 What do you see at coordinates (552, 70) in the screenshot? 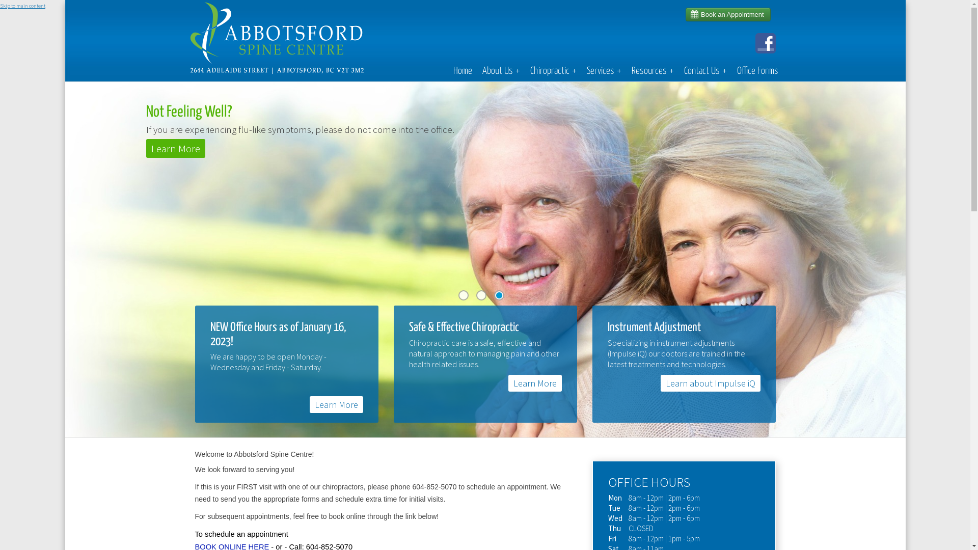
I see `'Chiropractic+'` at bounding box center [552, 70].